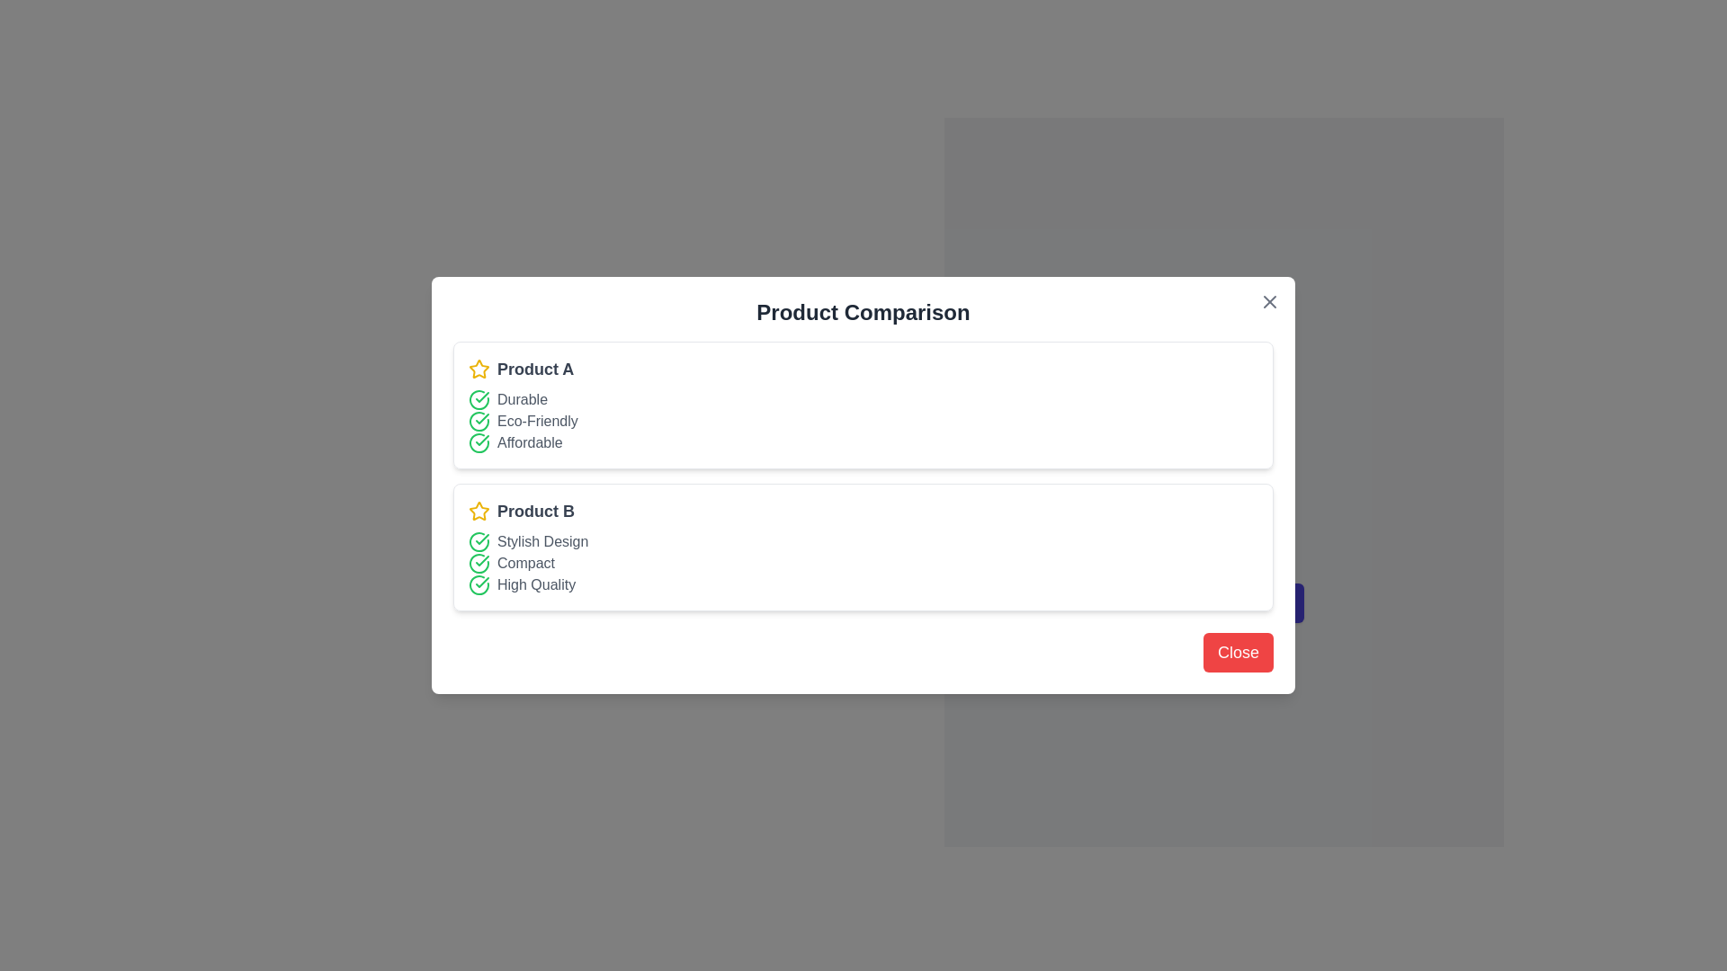  I want to click on the close button icon located at the top-right corner of the modal dialog, so click(1268, 300).